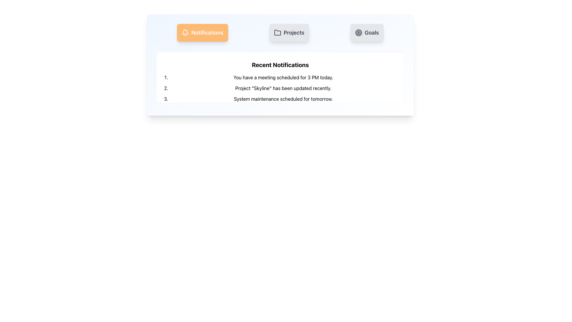 This screenshot has height=322, width=572. I want to click on the circular target icon located to the left of the 'Goals' label in the top-right section of the interface, so click(358, 33).